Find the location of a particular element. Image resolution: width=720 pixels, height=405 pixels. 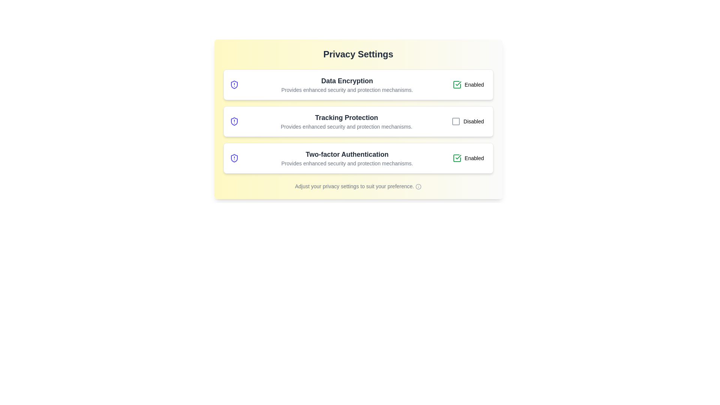

the Indicator icon, which is a green square with rounded corners containing a checkmark, located in the first row under 'Privacy Settings' and aligned with 'Enabled' is located at coordinates (457, 157).